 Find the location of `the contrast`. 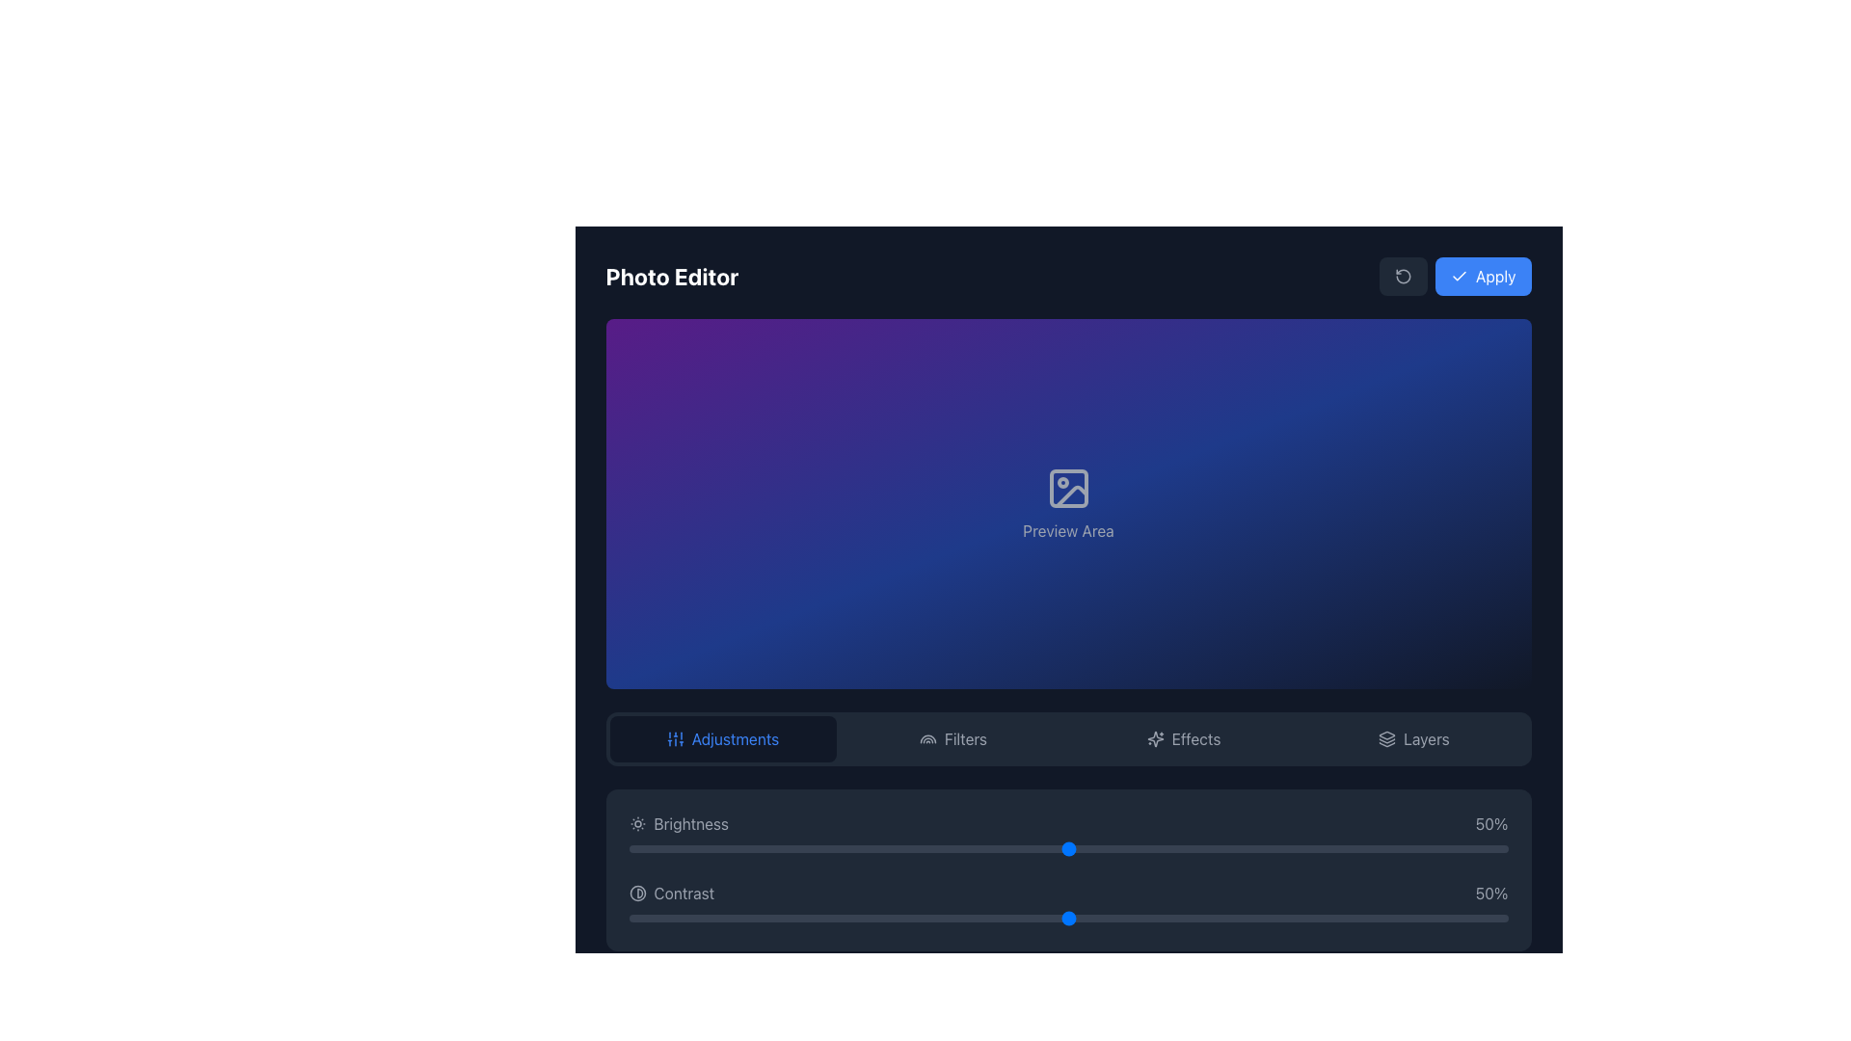

the contrast is located at coordinates (1253, 917).